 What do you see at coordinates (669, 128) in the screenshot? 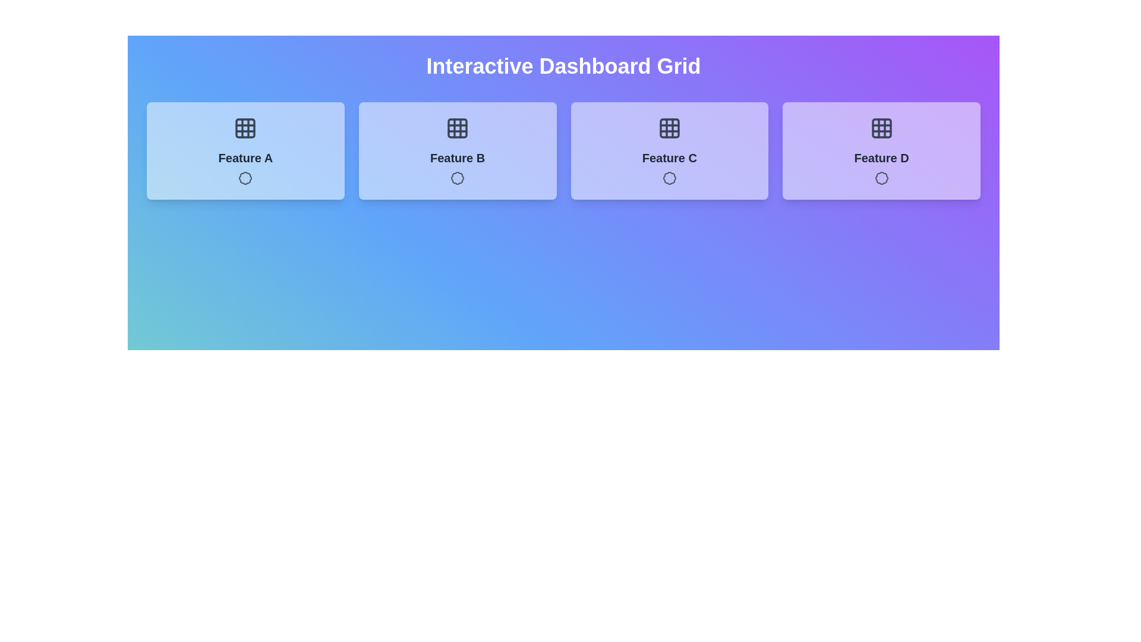
I see `the 3x3 grid icon with dark gray lines located` at bounding box center [669, 128].